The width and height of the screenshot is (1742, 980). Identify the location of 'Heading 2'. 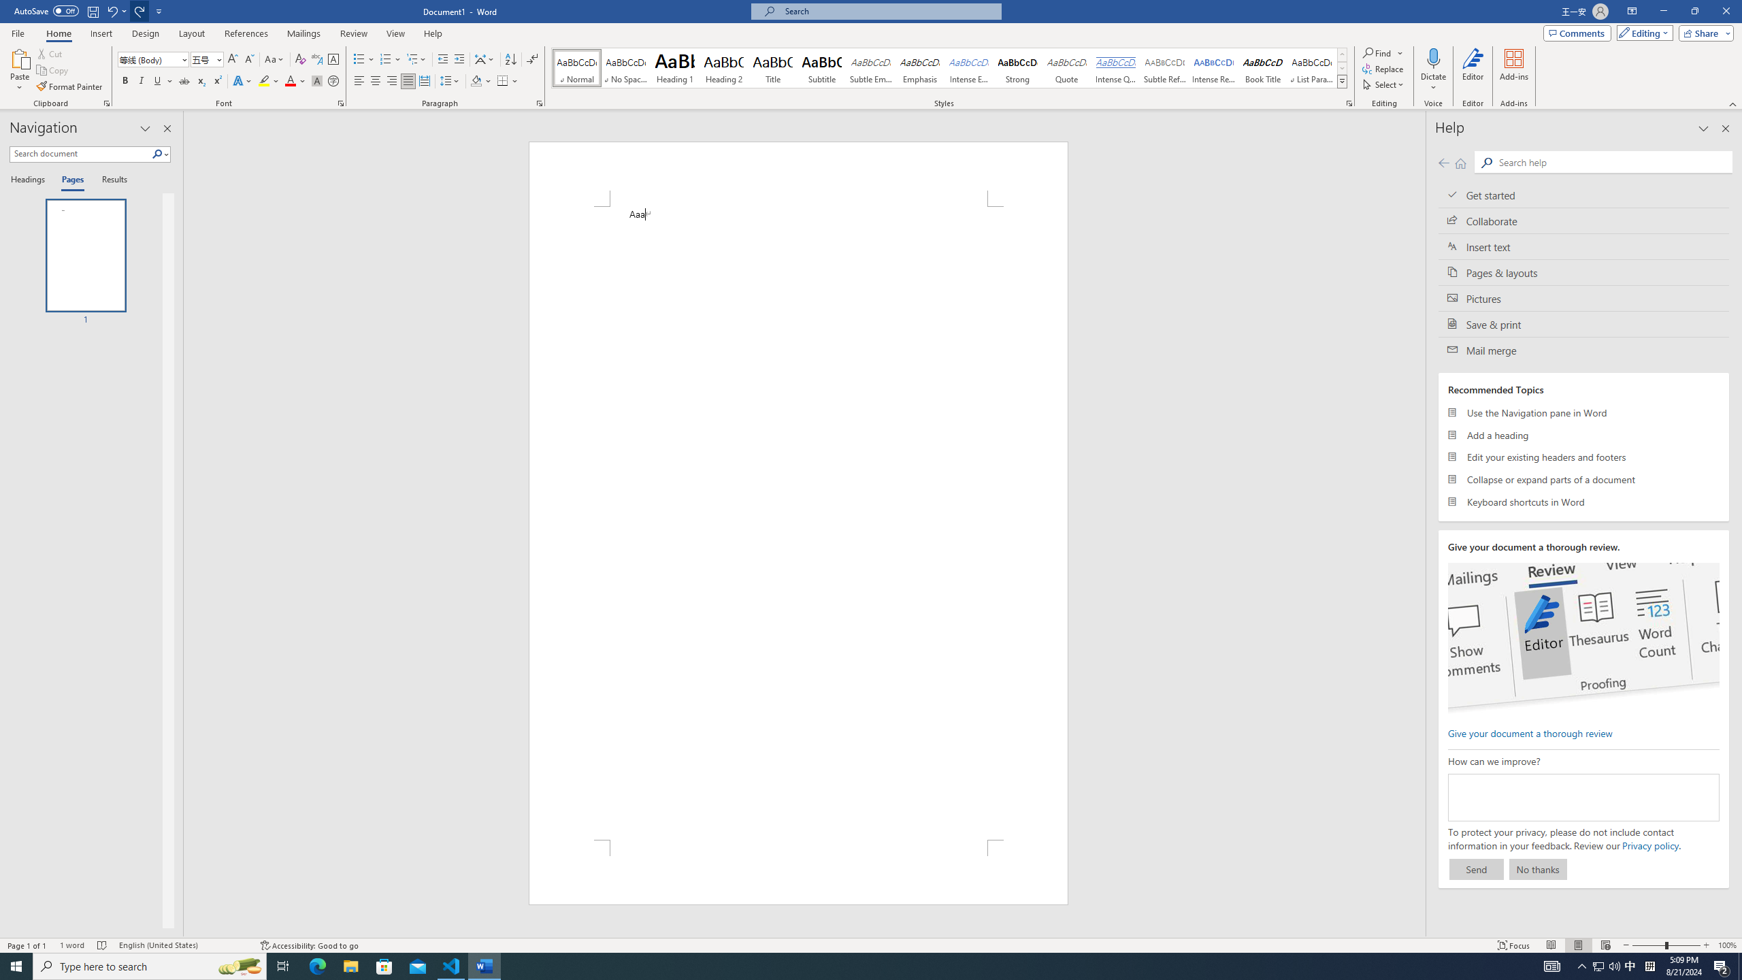
(723, 67).